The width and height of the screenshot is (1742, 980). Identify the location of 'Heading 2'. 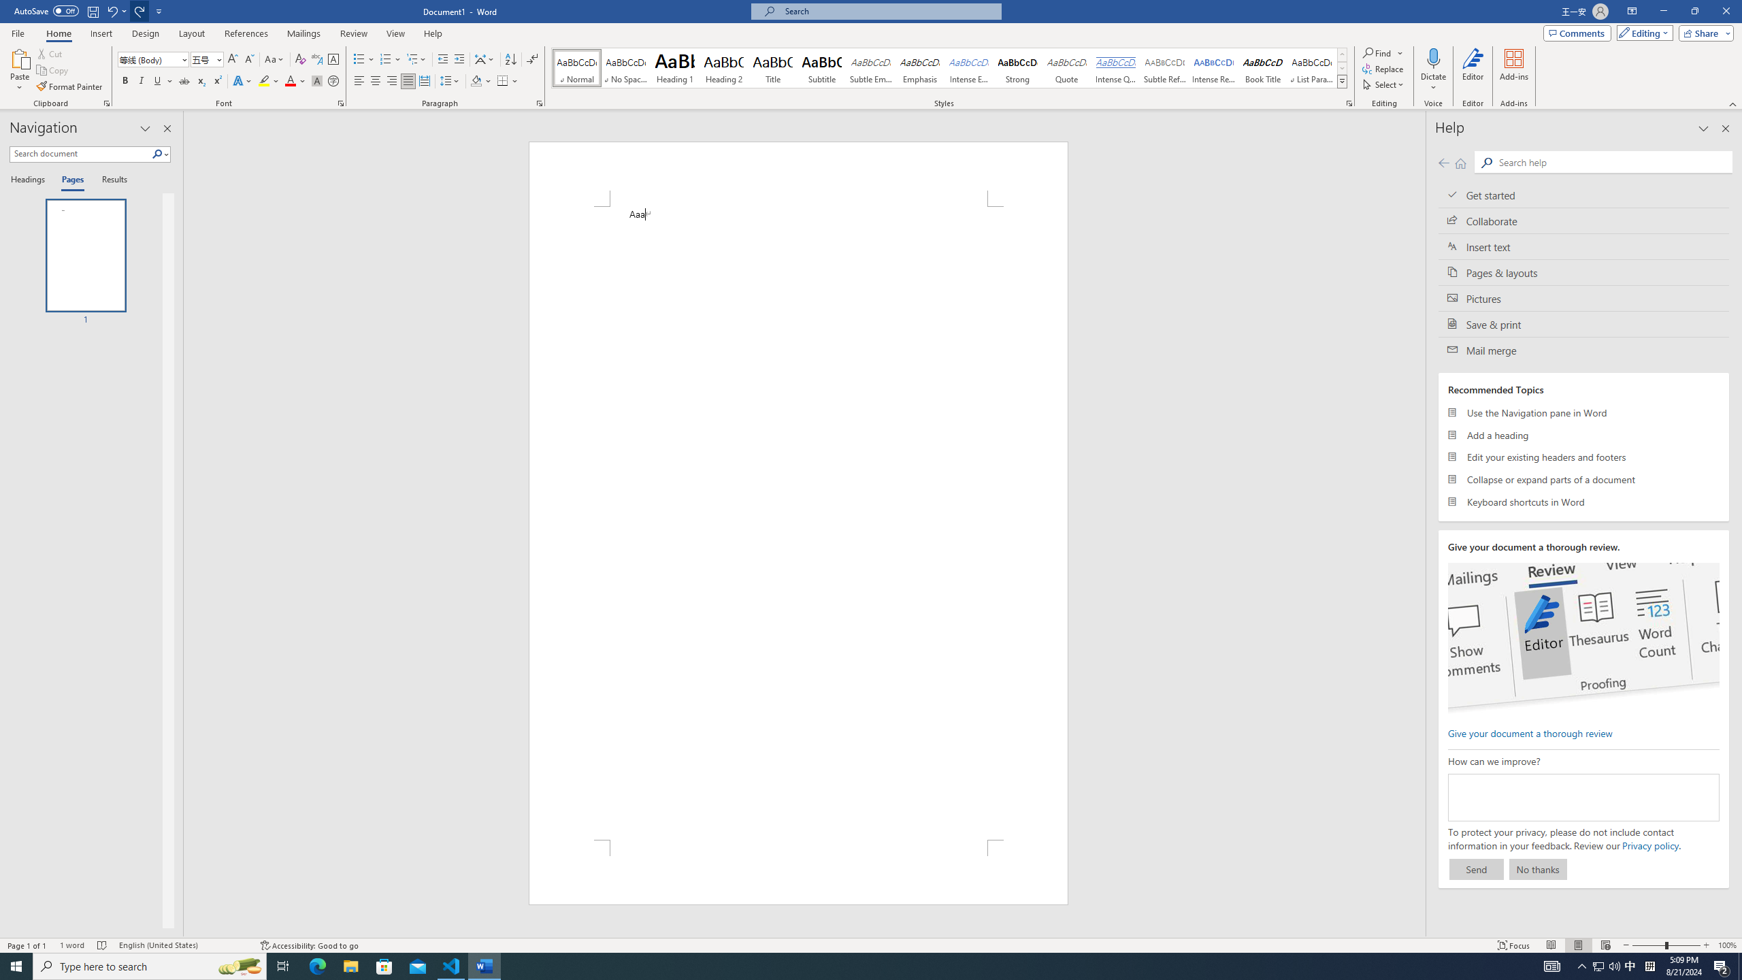
(723, 67).